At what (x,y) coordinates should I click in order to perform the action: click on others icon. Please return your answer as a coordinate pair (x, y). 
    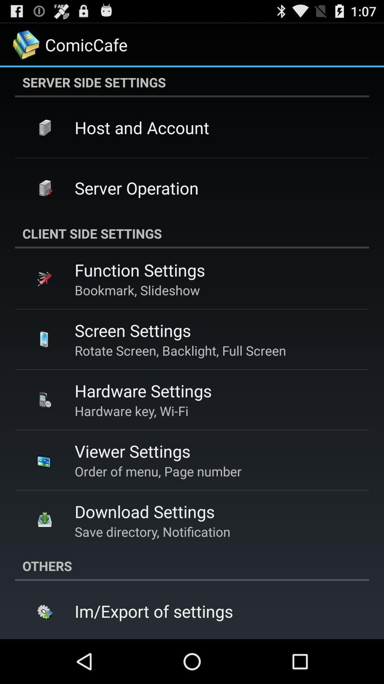
    Looking at the image, I should click on (192, 565).